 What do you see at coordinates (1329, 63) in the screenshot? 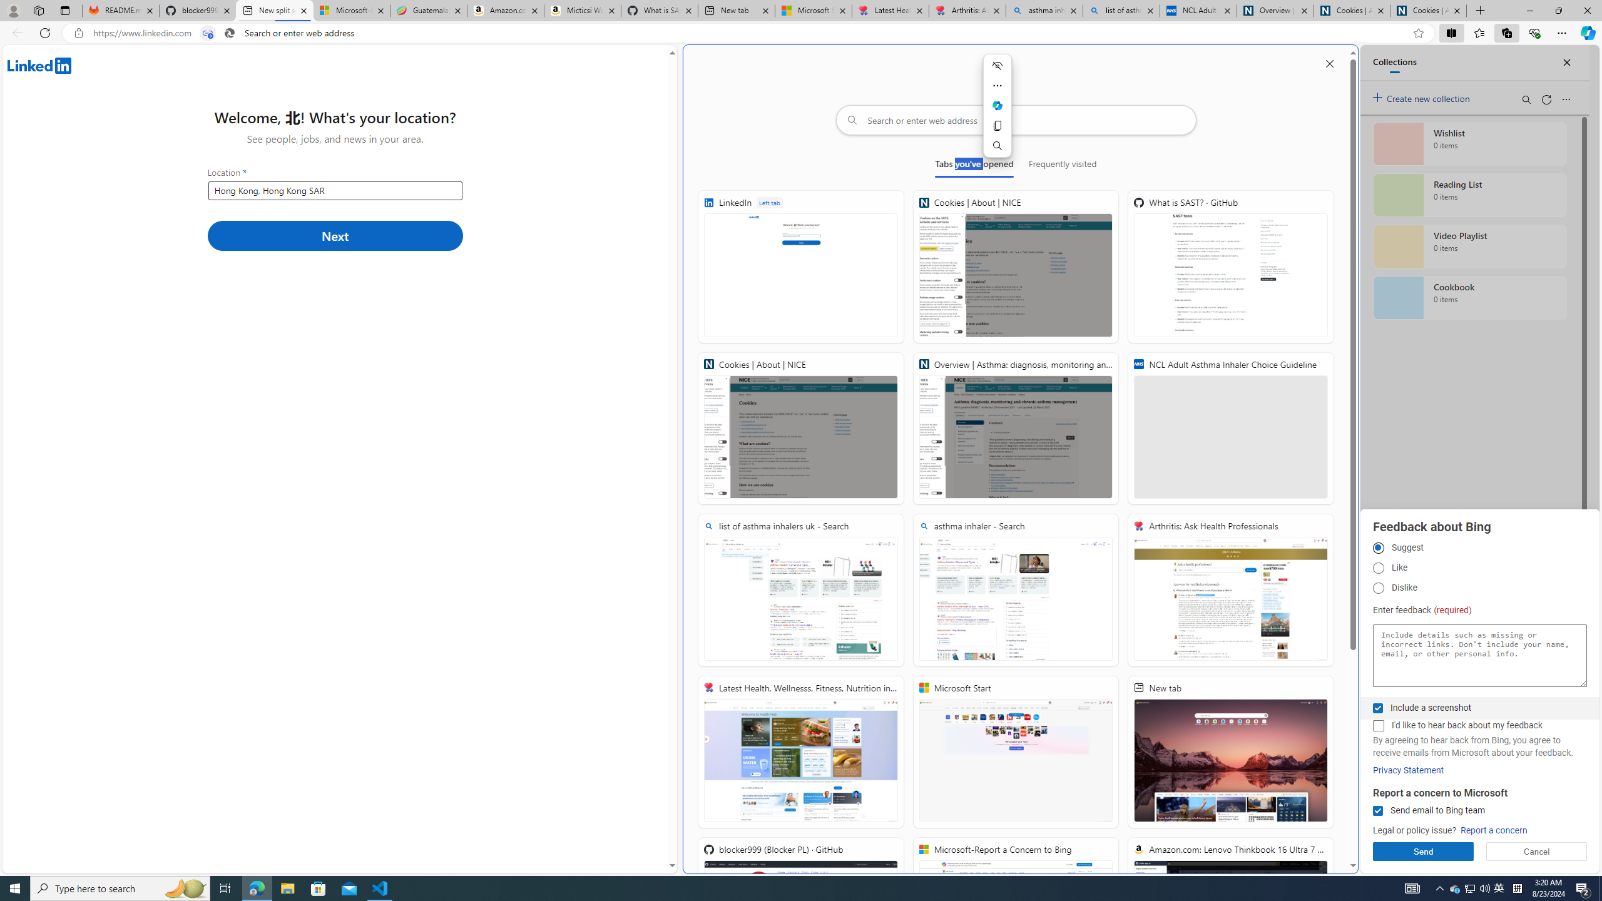
I see `'Close split screen'` at bounding box center [1329, 63].